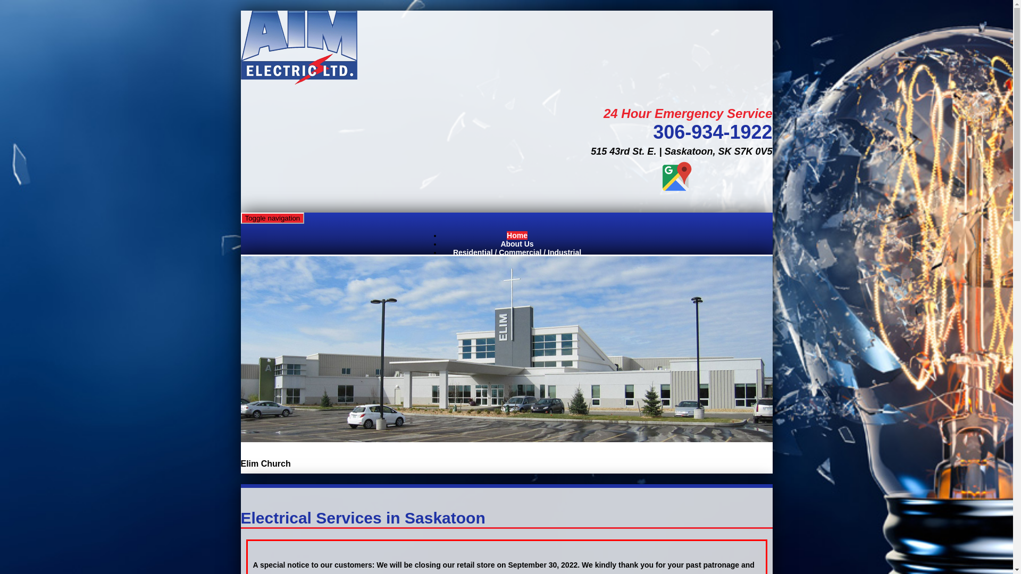 This screenshot has width=1021, height=574. Describe the element at coordinates (499, 244) in the screenshot. I see `'About Us'` at that location.